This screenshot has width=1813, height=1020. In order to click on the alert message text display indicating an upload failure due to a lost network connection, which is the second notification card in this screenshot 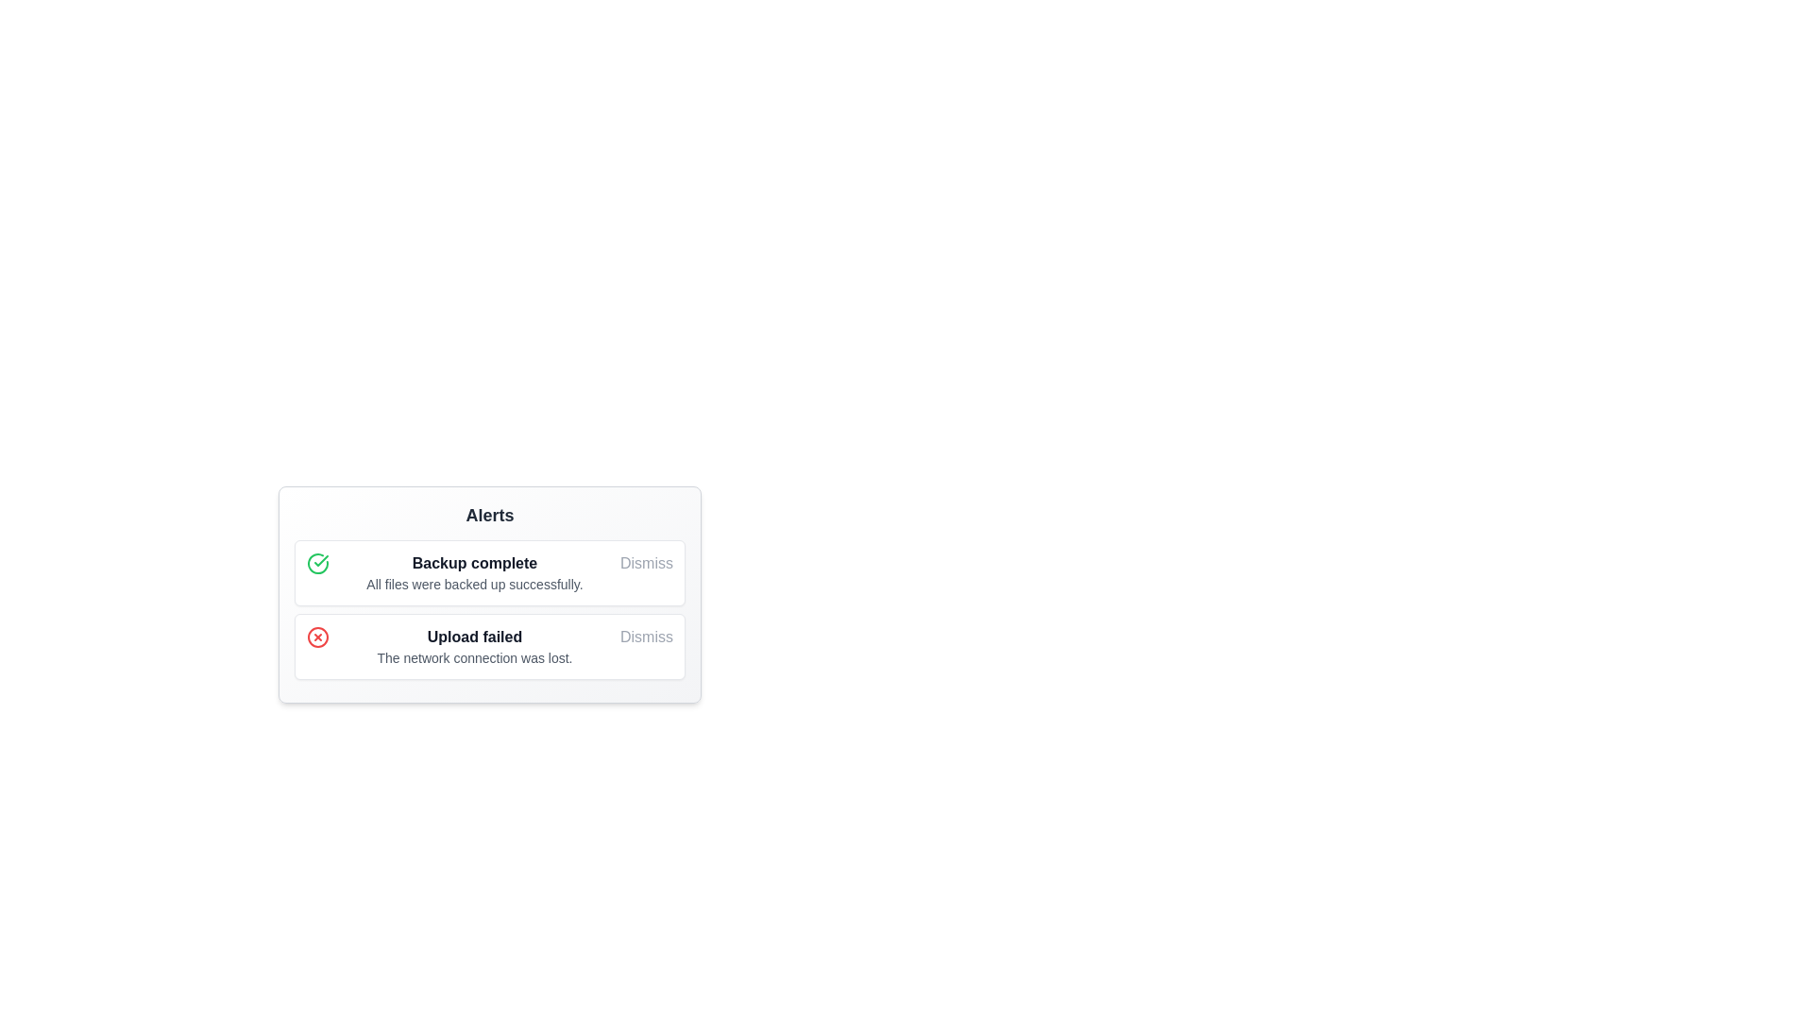, I will do `click(475, 646)`.